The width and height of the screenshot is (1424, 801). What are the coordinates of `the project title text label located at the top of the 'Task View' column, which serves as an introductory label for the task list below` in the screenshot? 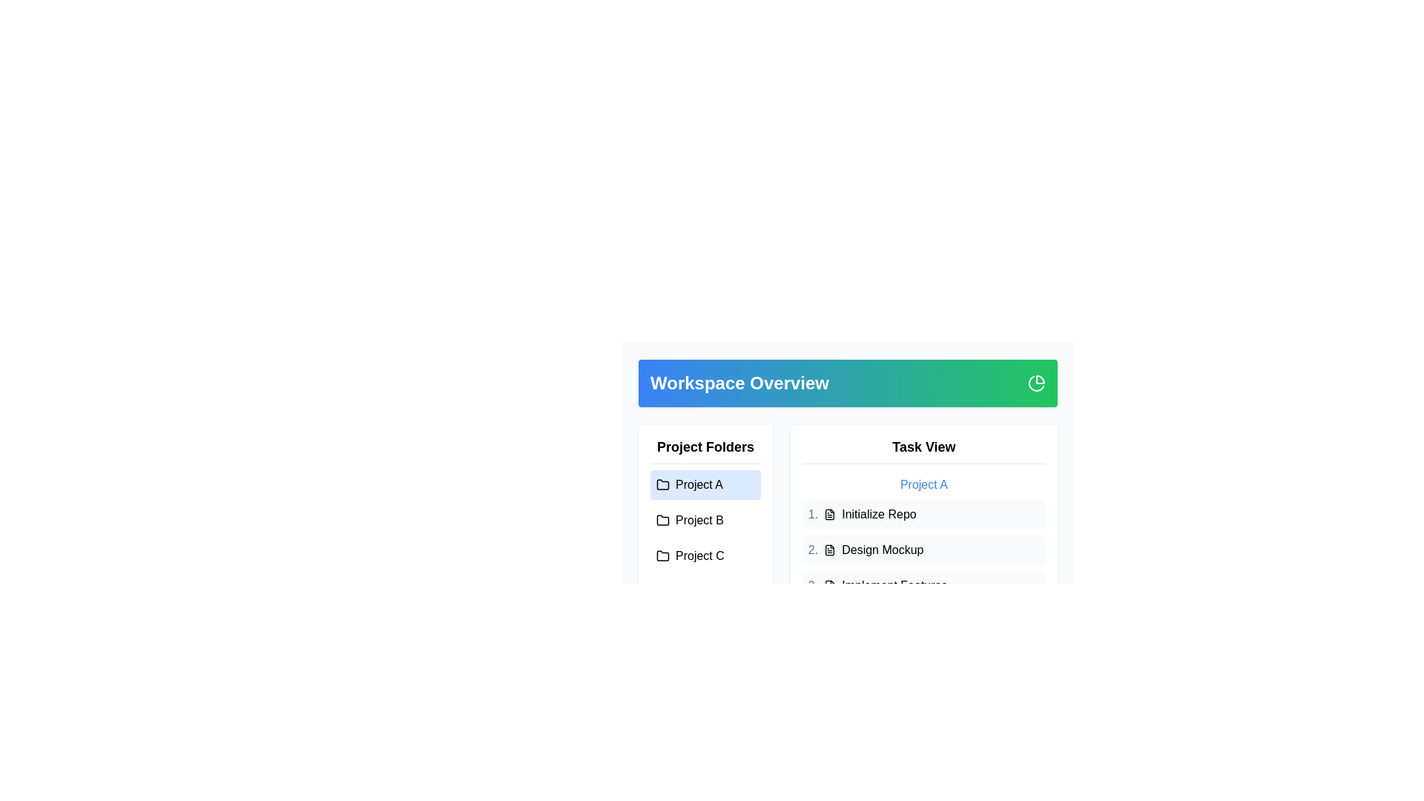 It's located at (923, 485).